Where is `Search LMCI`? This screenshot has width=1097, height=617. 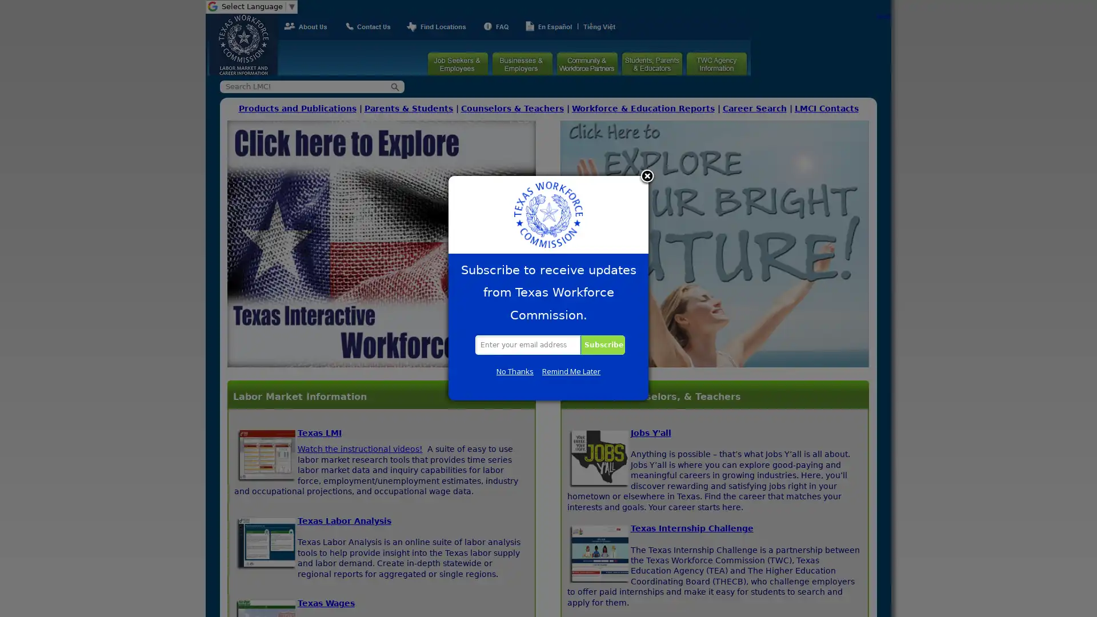
Search LMCI is located at coordinates (395, 86).